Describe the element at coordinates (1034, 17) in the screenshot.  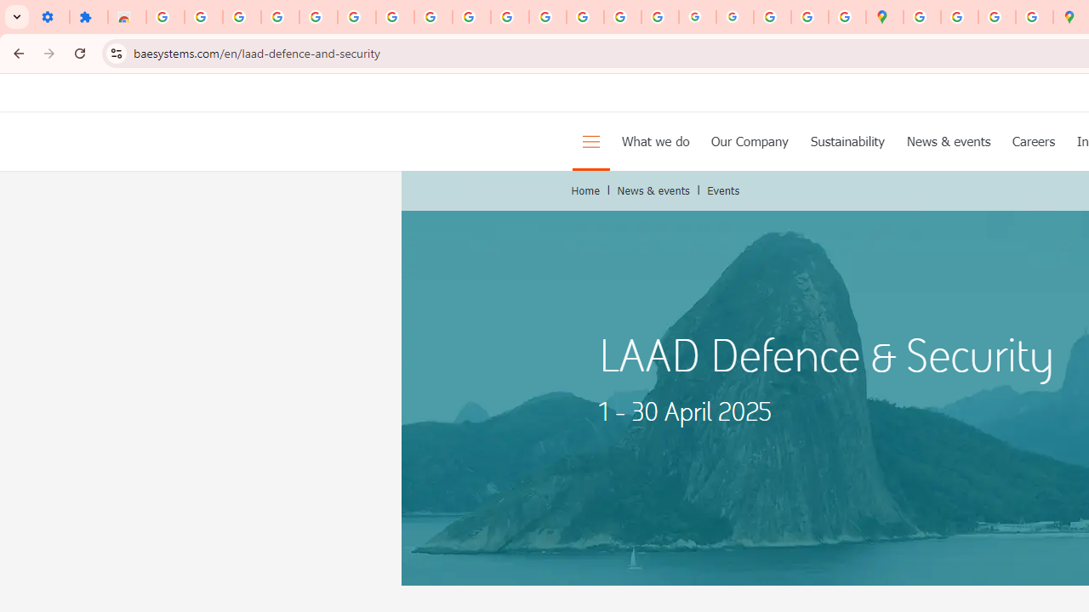
I see `'Safety in Our Products - Google Safety Center'` at that location.